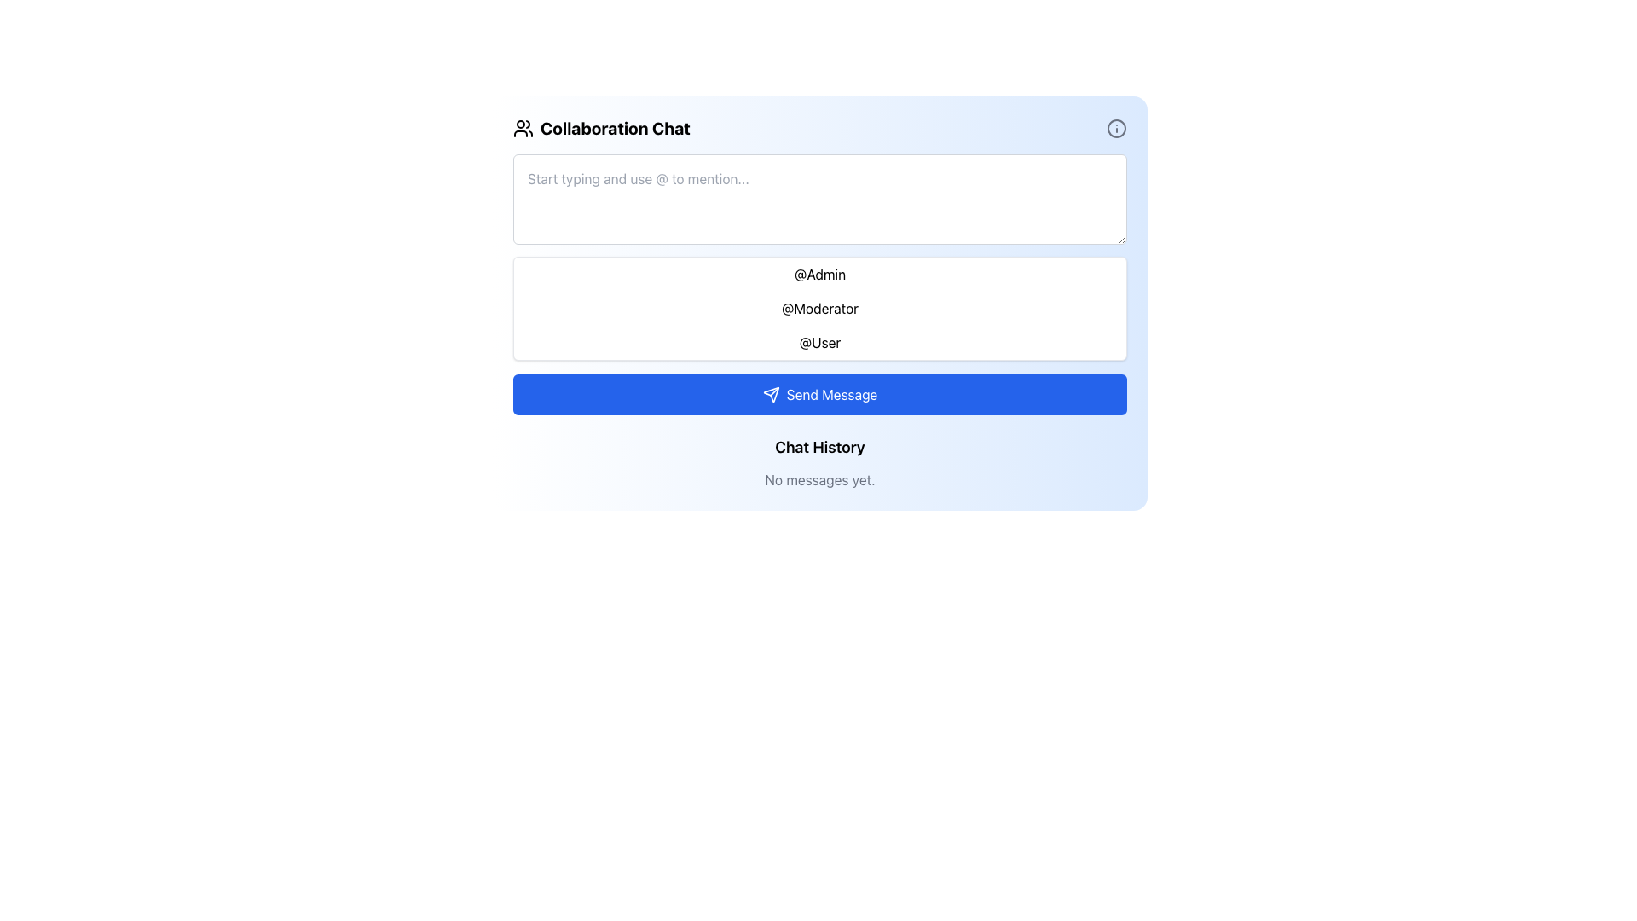 The image size is (1637, 921). What do you see at coordinates (819, 394) in the screenshot?
I see `the message sending button located at the bottom of the chat section, which is positioned directly below the tagged users and above the Chat History heading to observe its hover effect` at bounding box center [819, 394].